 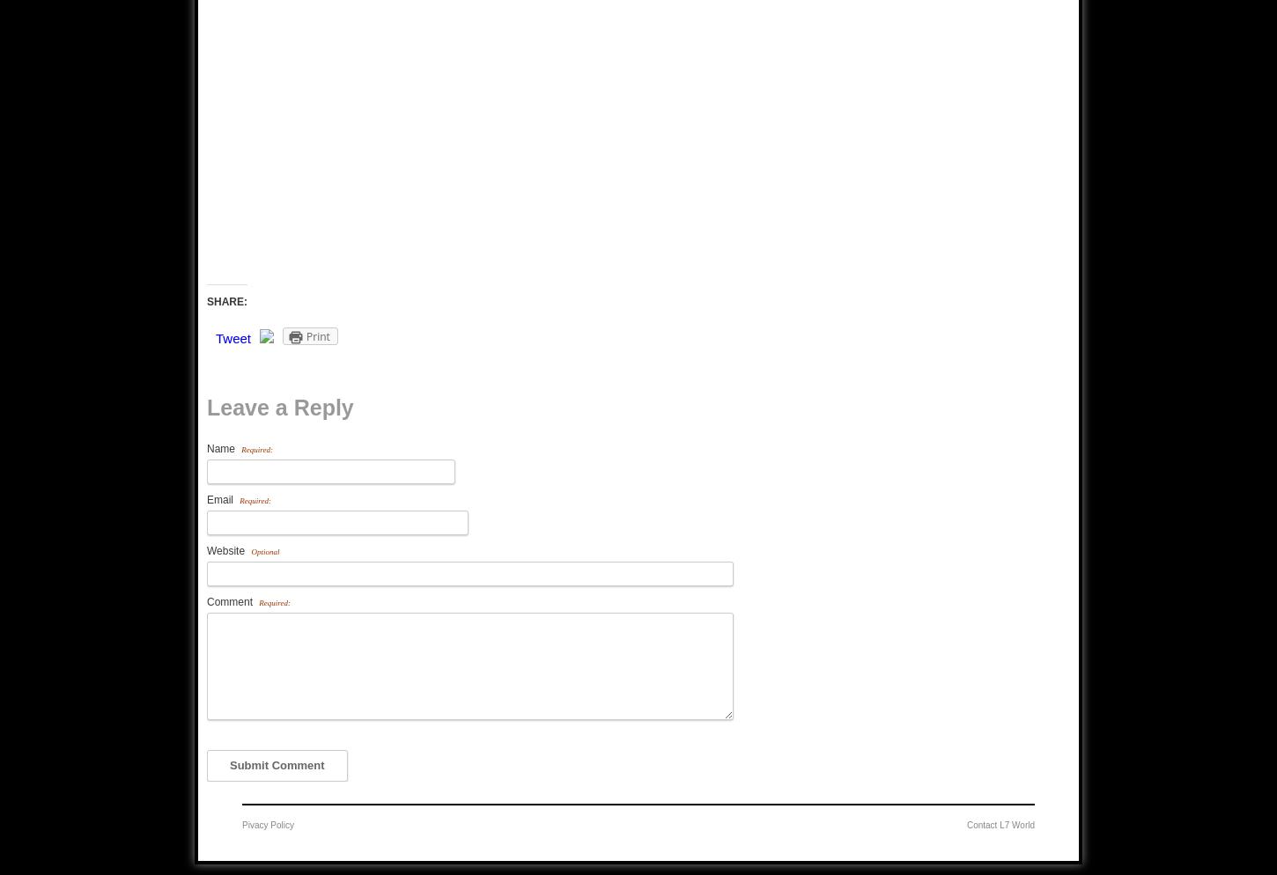 I want to click on 'Print', so click(x=318, y=336).